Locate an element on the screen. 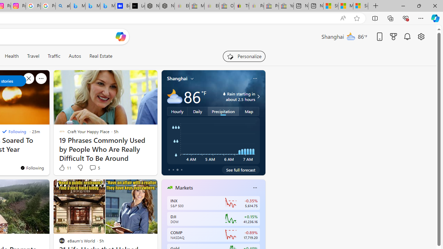 This screenshot has width=443, height=249. 'Following' is located at coordinates (14, 131).